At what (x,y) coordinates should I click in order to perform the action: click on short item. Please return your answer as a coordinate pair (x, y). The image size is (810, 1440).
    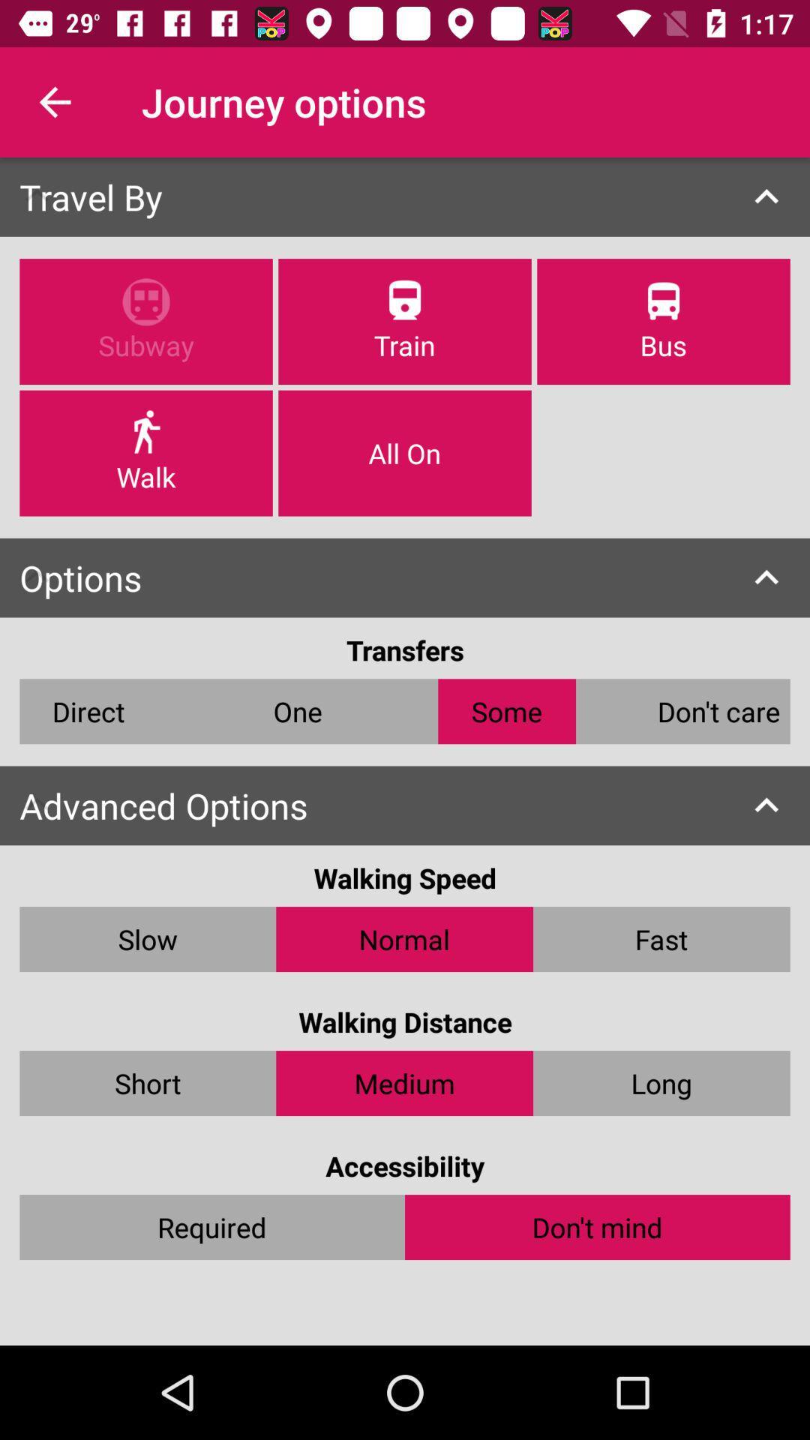
    Looking at the image, I should click on (148, 1083).